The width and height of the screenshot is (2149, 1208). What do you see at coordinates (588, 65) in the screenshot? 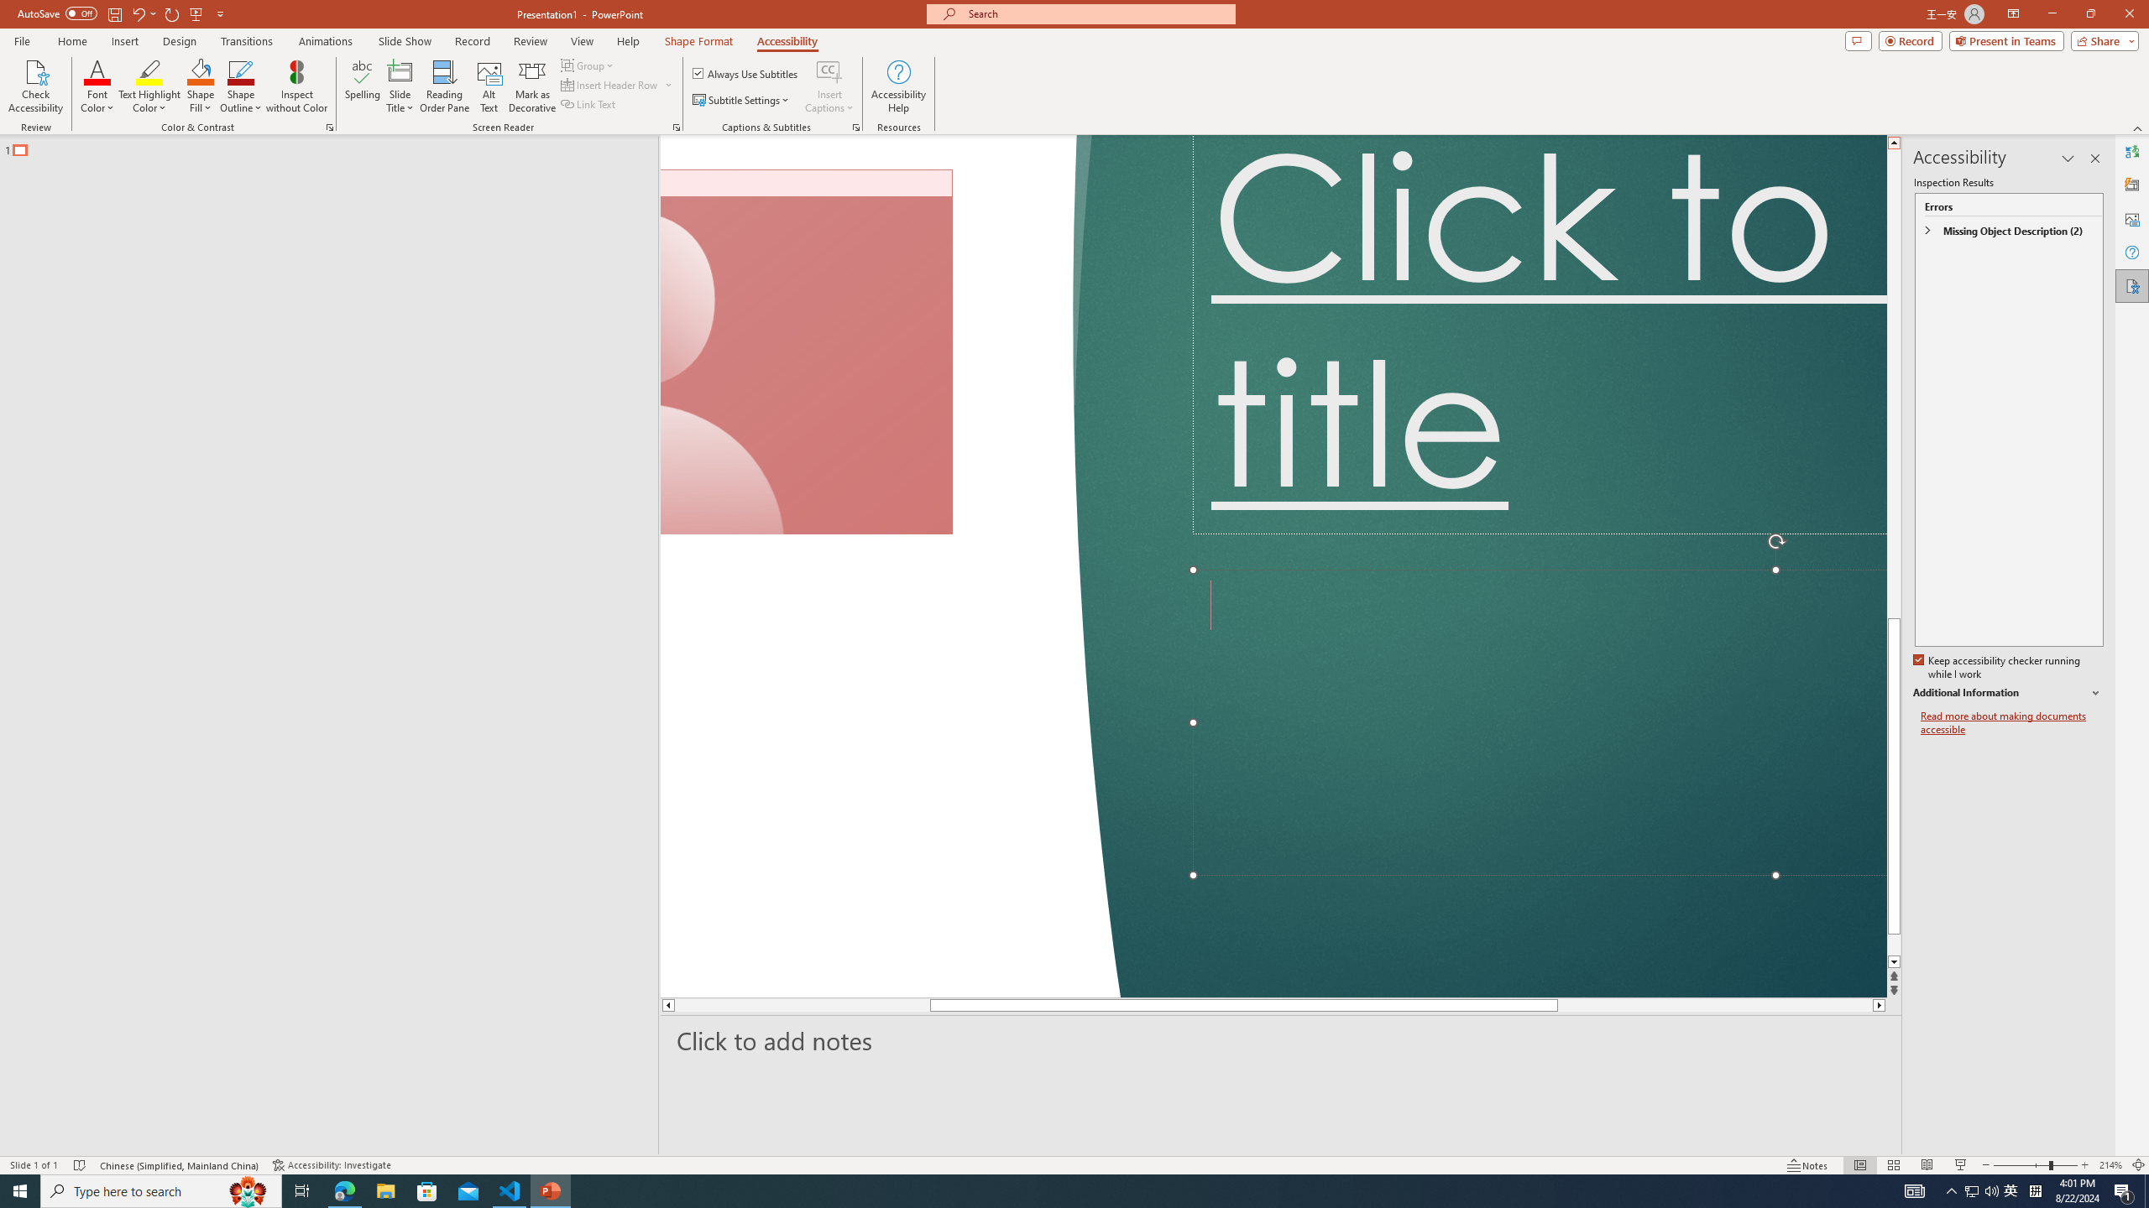
I see `'Group'` at bounding box center [588, 65].